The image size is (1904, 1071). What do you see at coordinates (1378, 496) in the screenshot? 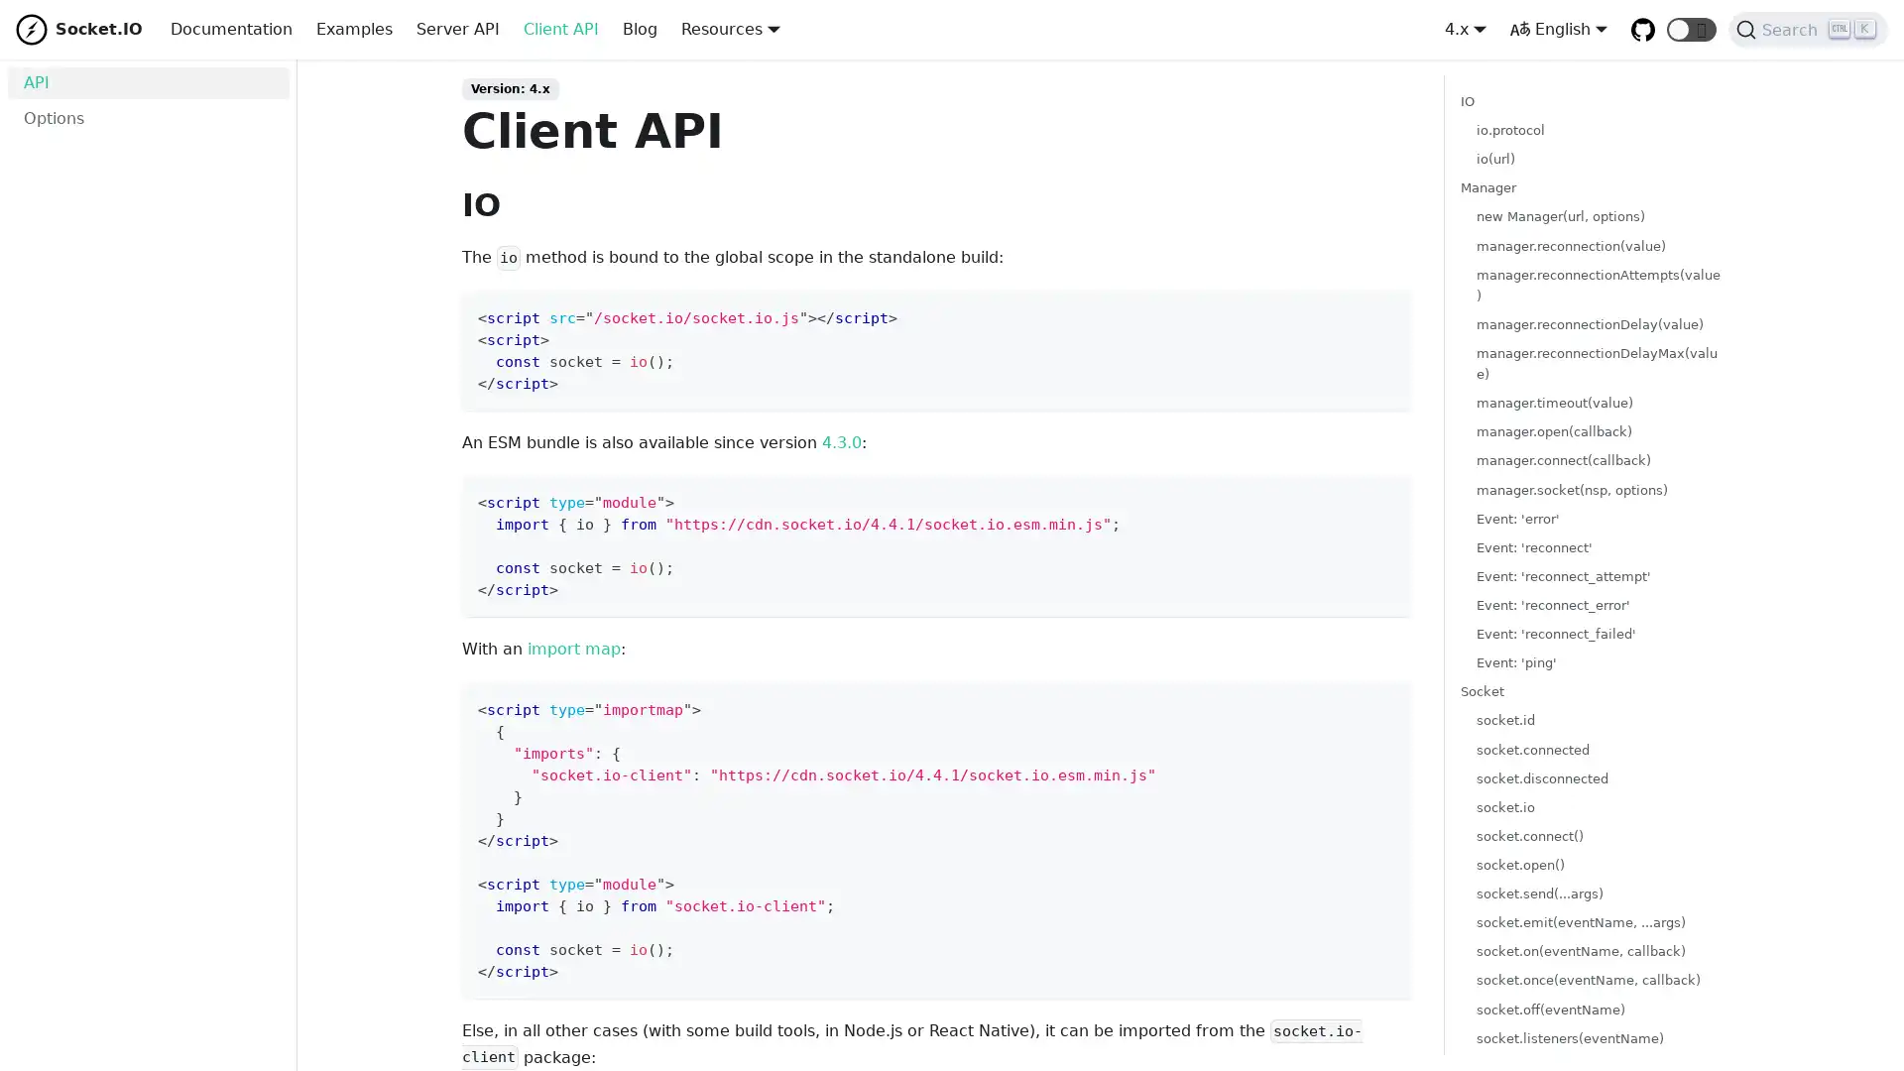
I see `Copy code to clipboard` at bounding box center [1378, 496].